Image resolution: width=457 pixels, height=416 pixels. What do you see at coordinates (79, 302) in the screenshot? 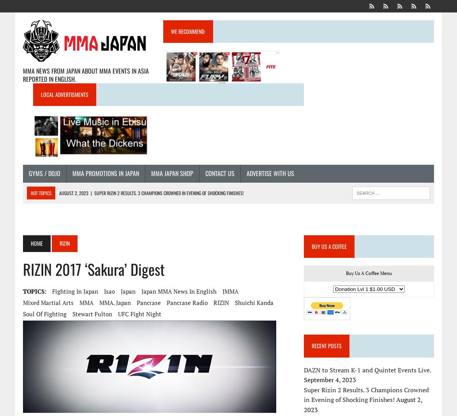
I see `'MMA'` at bounding box center [79, 302].